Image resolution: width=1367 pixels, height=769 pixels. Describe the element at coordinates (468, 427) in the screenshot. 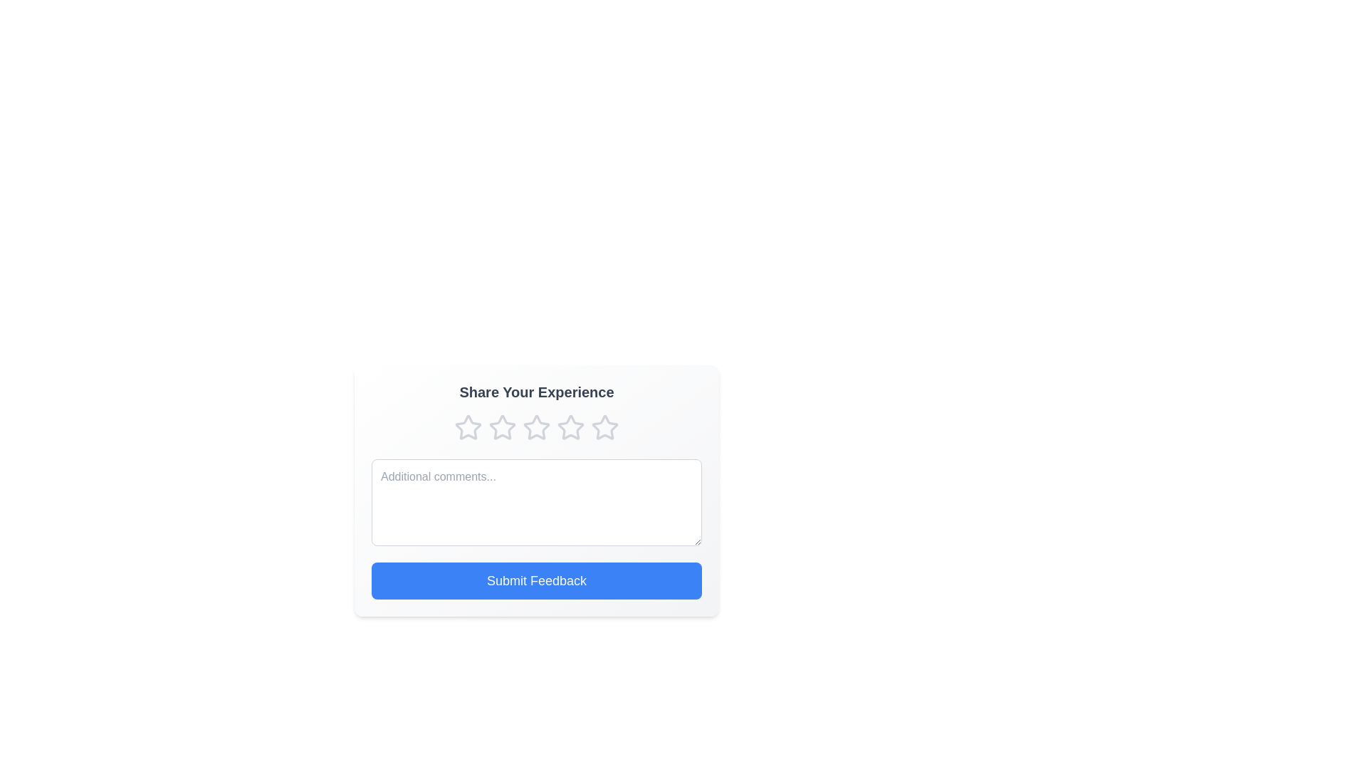

I see `the first star icon in the rating mechanism` at that location.